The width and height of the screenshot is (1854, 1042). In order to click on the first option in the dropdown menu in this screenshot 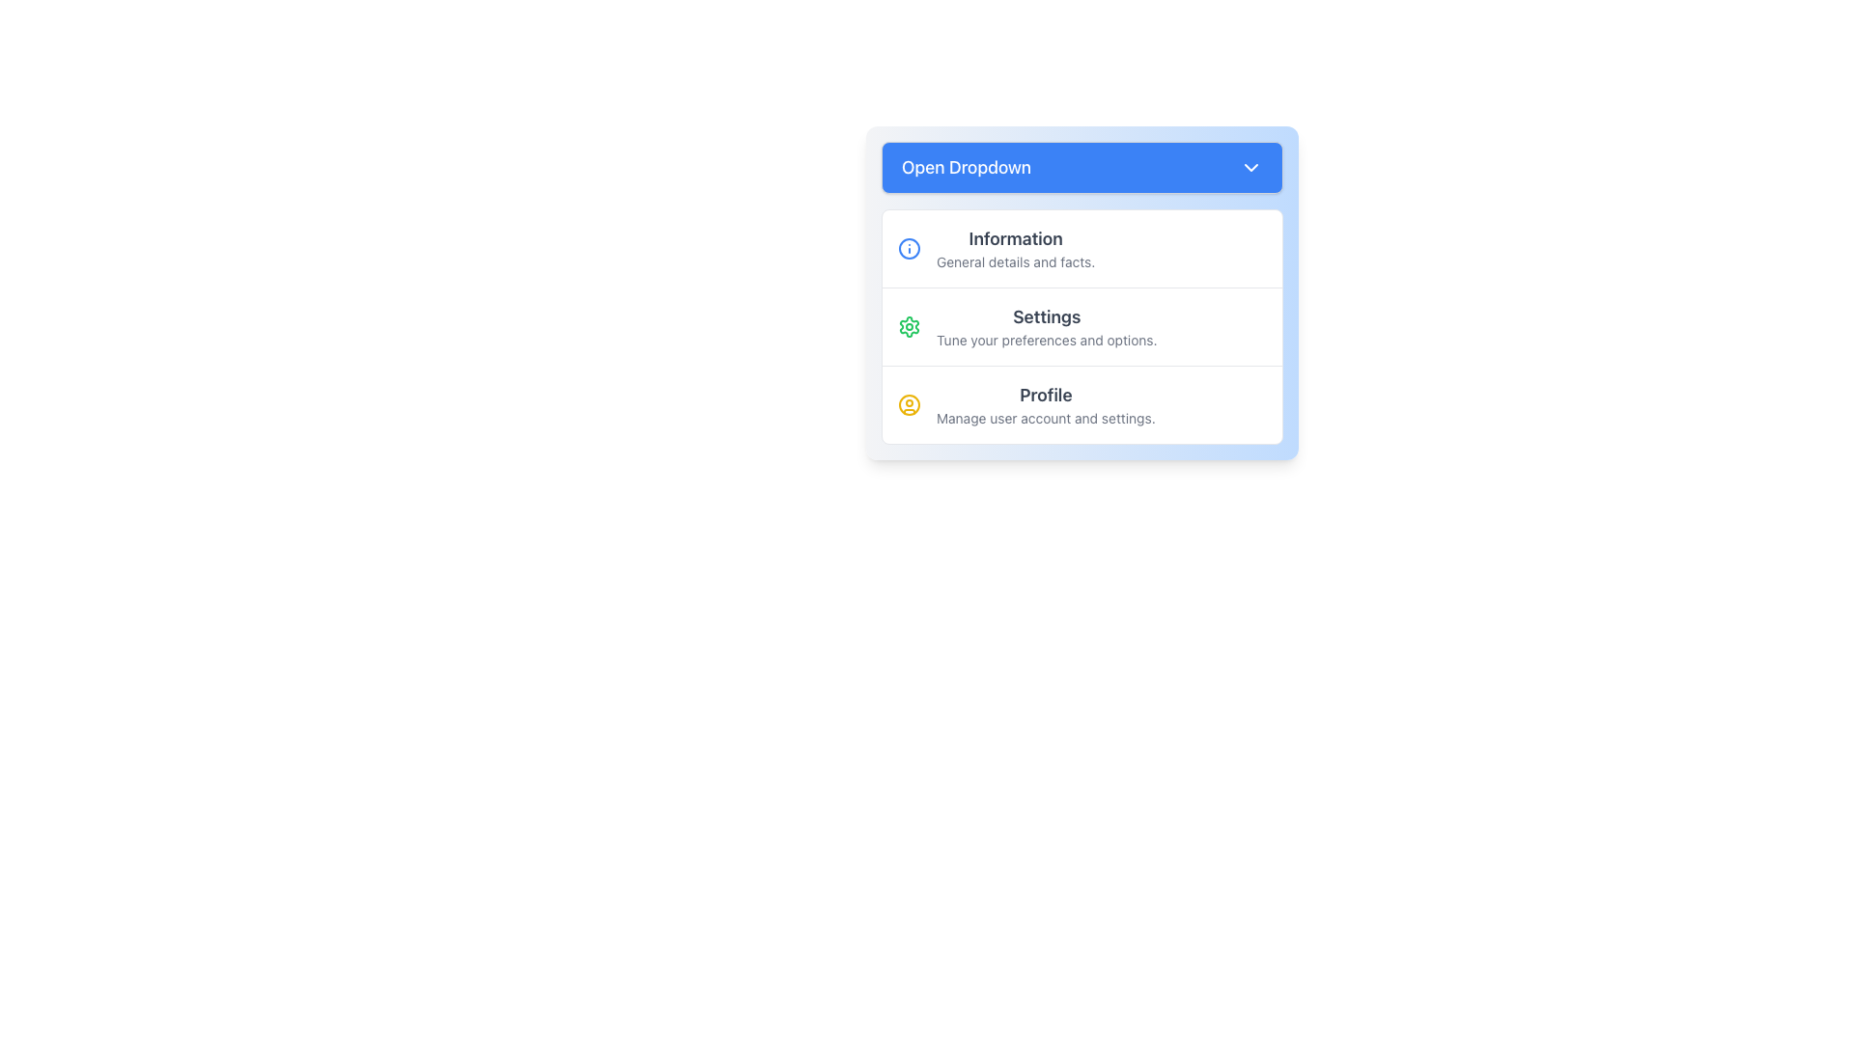, I will do `click(1082, 248)`.